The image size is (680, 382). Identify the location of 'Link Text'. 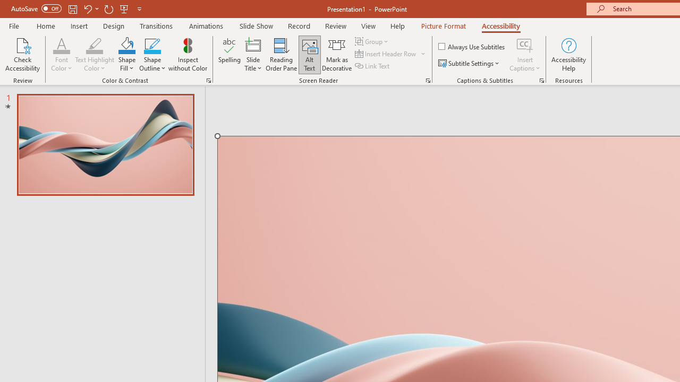
(373, 66).